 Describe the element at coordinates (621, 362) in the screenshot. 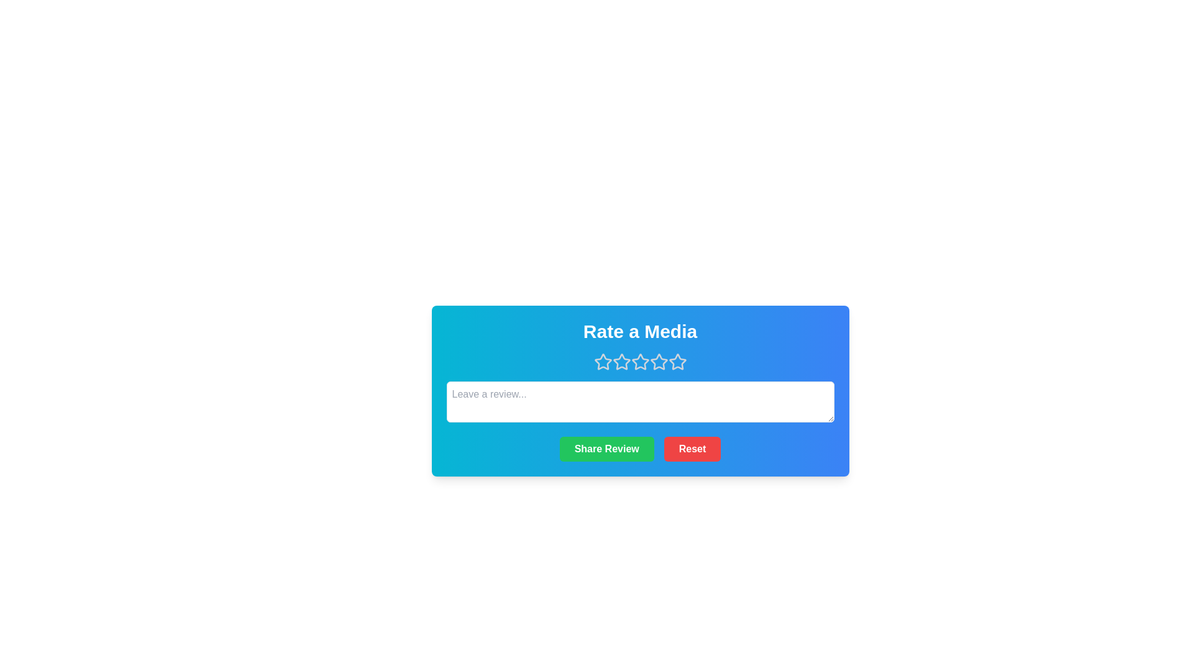

I see `the rating to 2 stars by clicking on the respective star` at that location.